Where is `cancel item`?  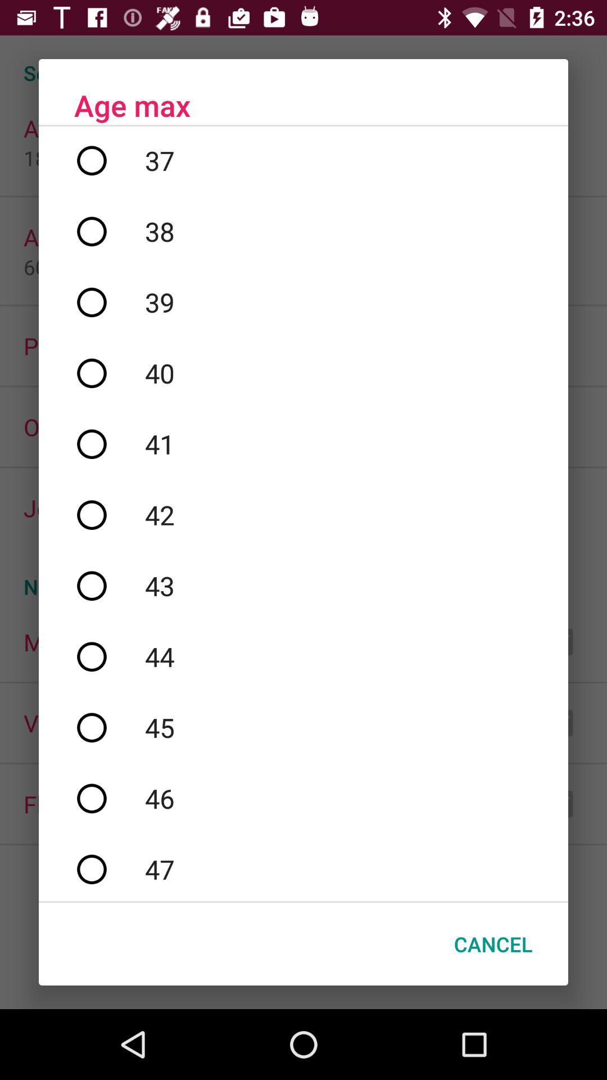 cancel item is located at coordinates (492, 944).